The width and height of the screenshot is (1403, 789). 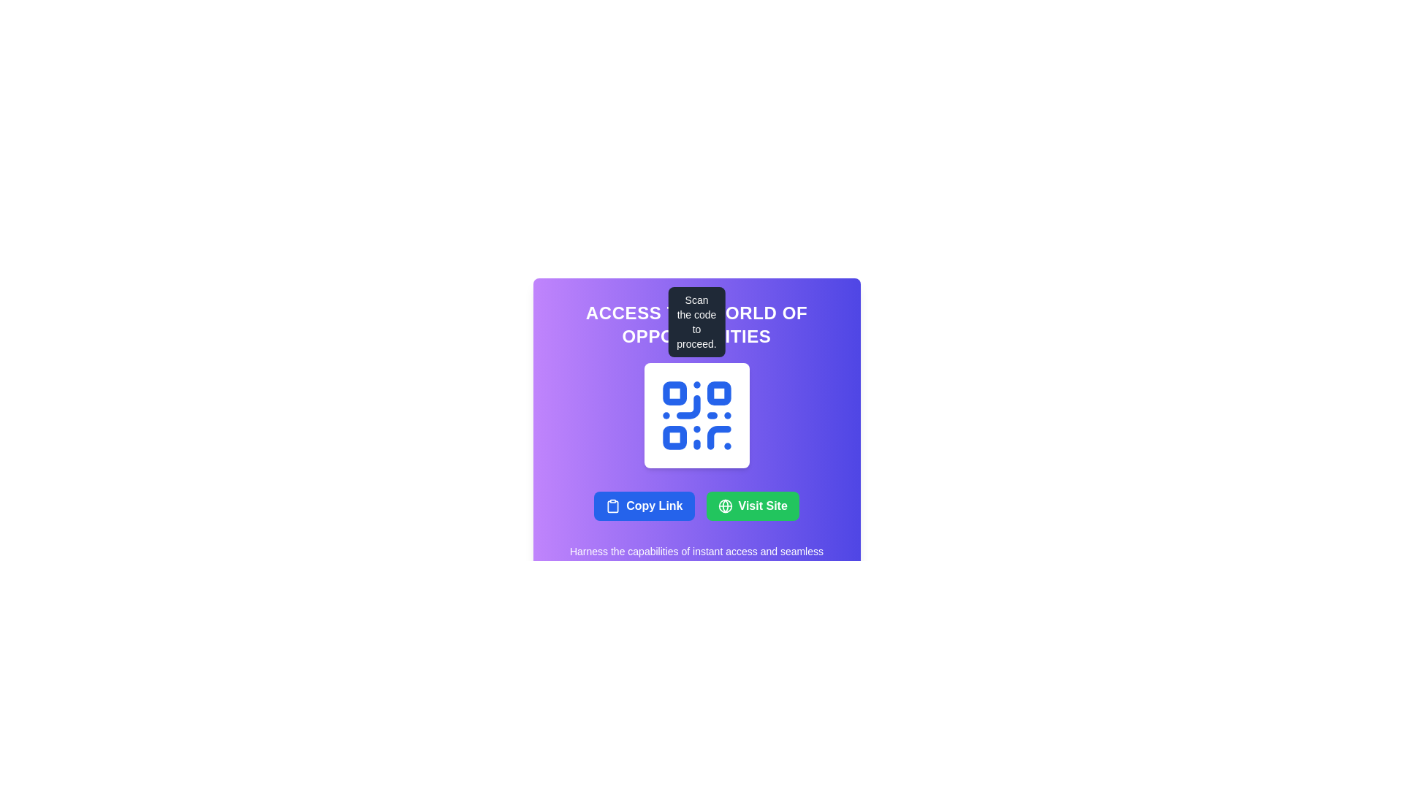 I want to click on the left button below the QR code, which is used to copy a link to the clipboard, so click(x=643, y=506).